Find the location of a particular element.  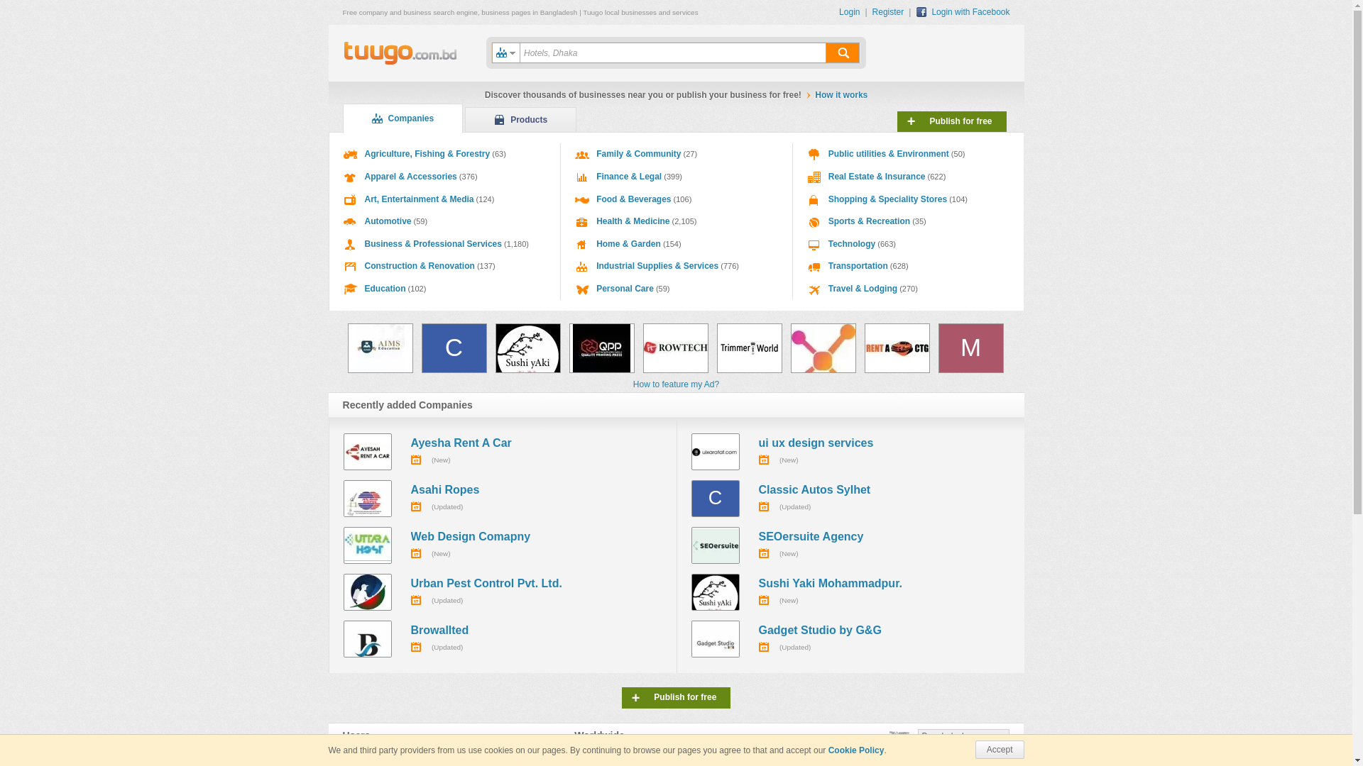

'+Publish for free' is located at coordinates (951, 121).